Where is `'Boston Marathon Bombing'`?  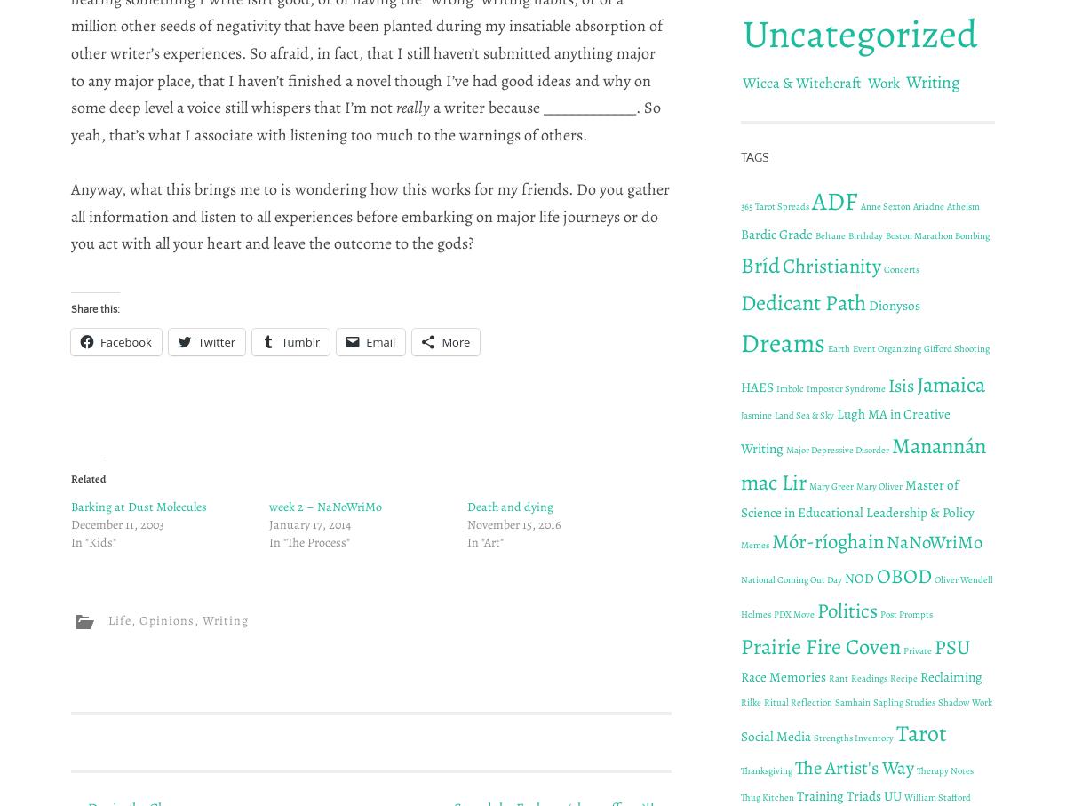 'Boston Marathon Bombing' is located at coordinates (936, 235).